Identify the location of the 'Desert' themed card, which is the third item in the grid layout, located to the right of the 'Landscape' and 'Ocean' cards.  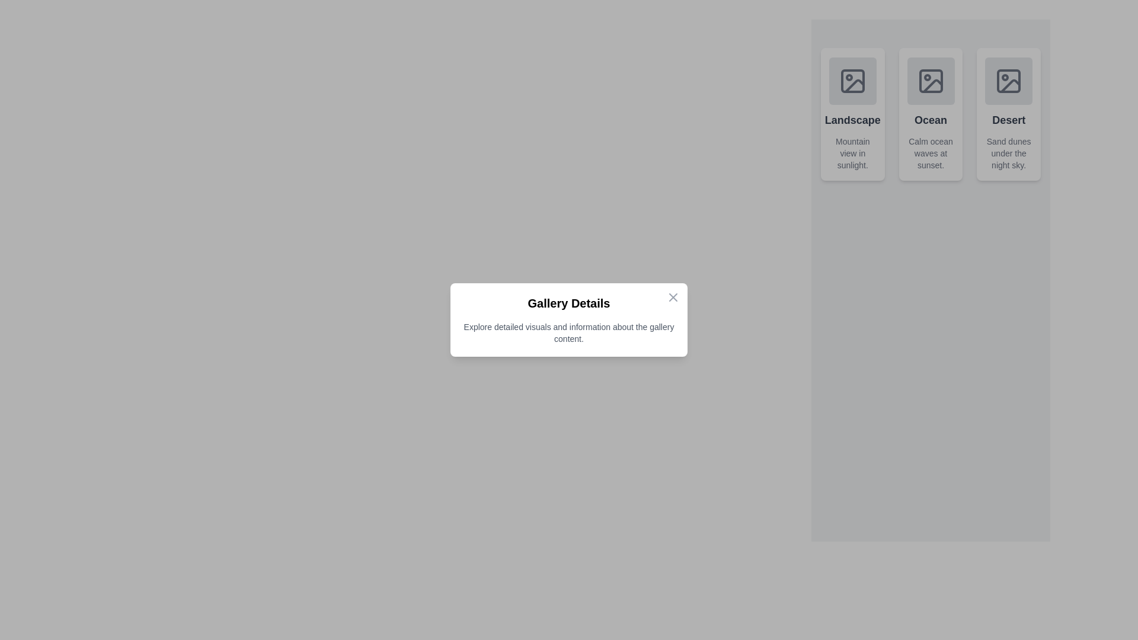
(1008, 114).